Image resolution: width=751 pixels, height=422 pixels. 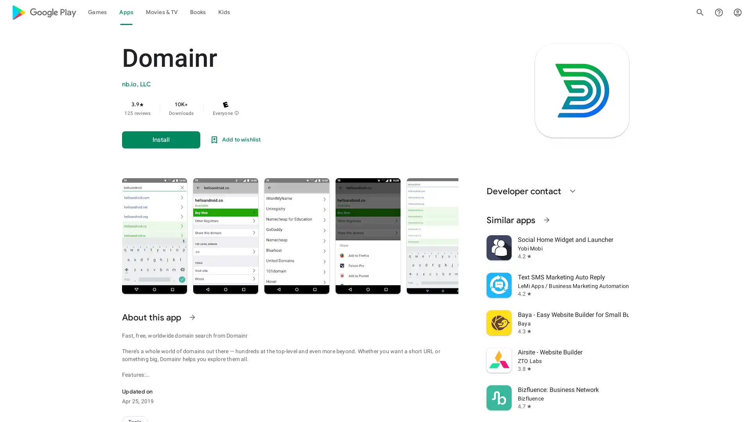 I want to click on Screenshot image, so click(x=443, y=236).